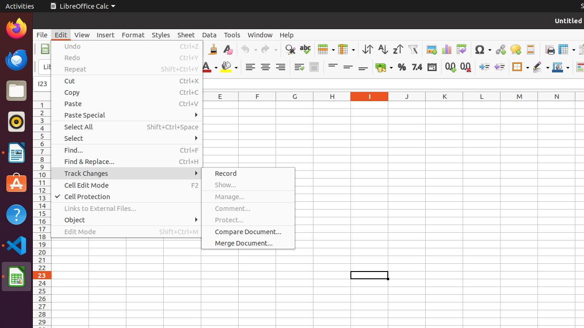 The image size is (584, 328). What do you see at coordinates (265, 67) in the screenshot?
I see `'Align Center'` at bounding box center [265, 67].